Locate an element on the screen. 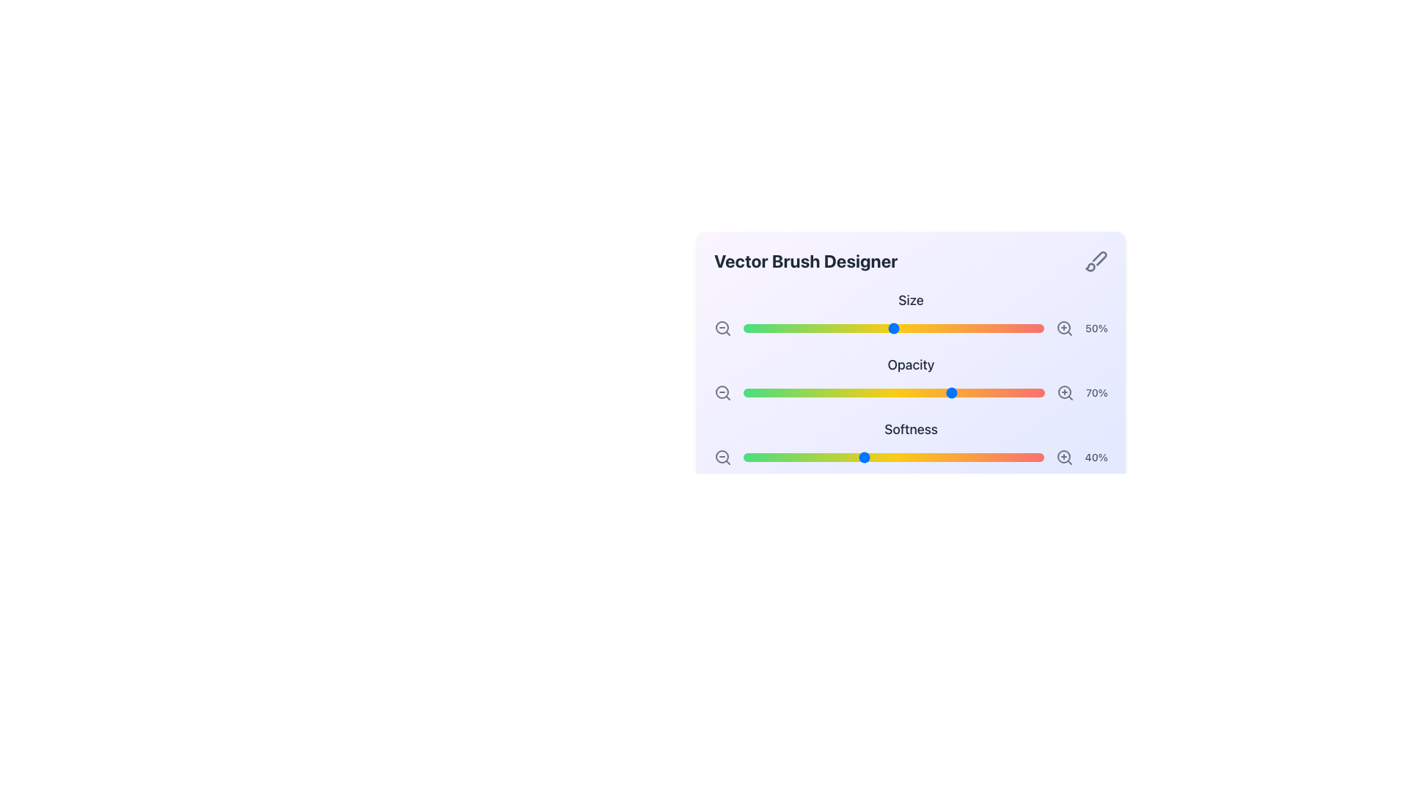  current value (40%) displayed in the Text Indicator located at the far right of the 'Softness' progress bar is located at coordinates (1096, 457).